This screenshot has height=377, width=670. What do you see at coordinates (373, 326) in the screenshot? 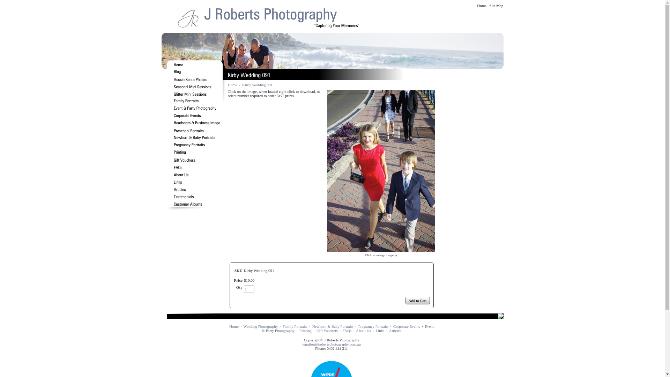
I see `'Pregnancy Portraits'` at bounding box center [373, 326].